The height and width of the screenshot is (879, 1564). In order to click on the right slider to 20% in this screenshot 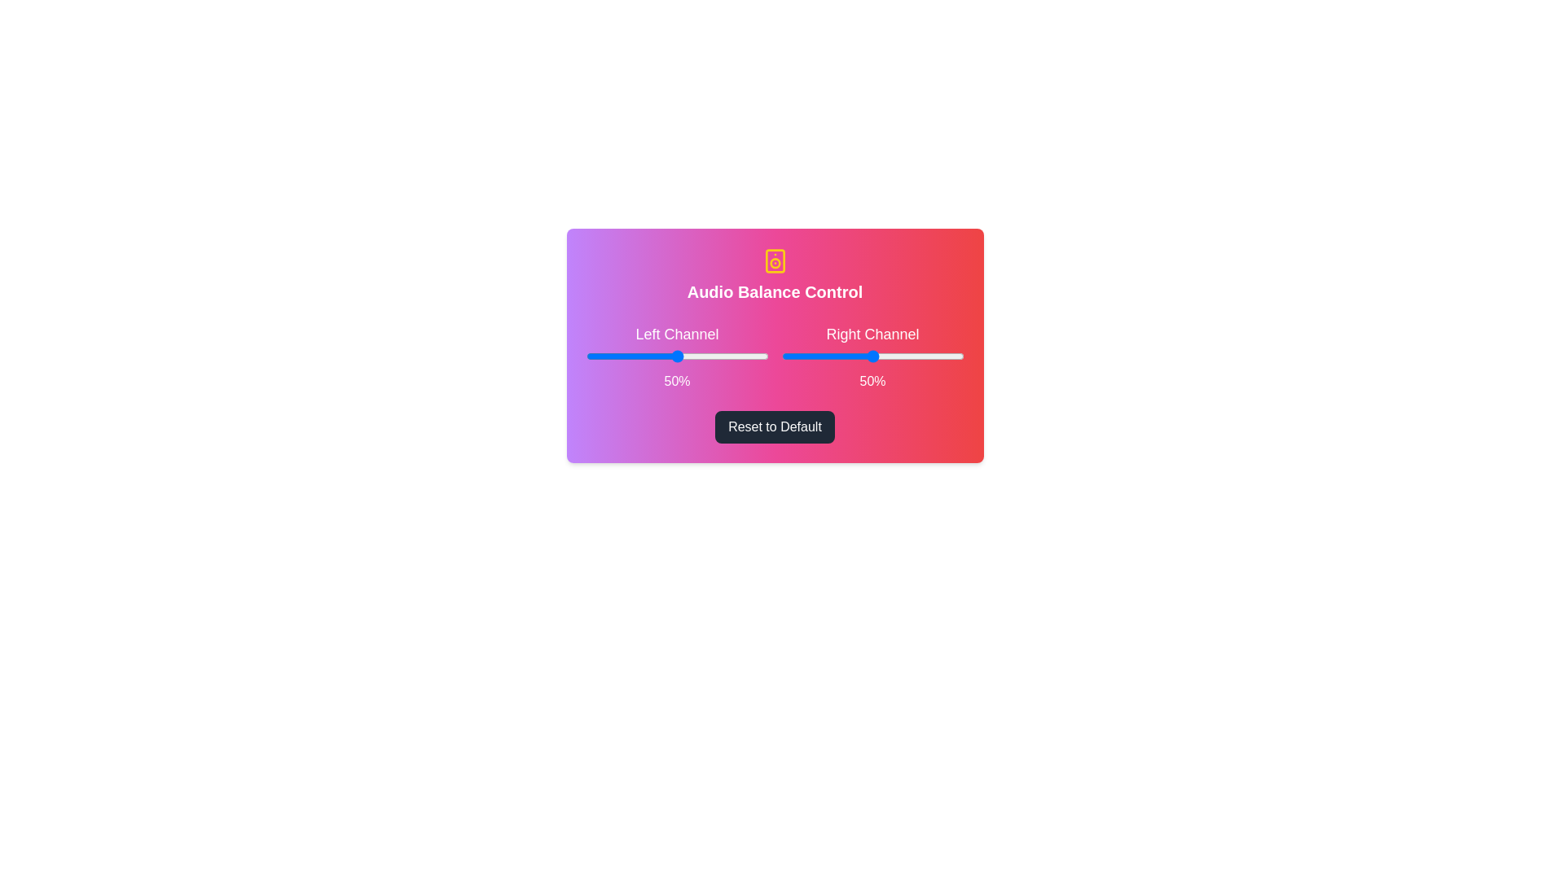, I will do `click(818, 356)`.